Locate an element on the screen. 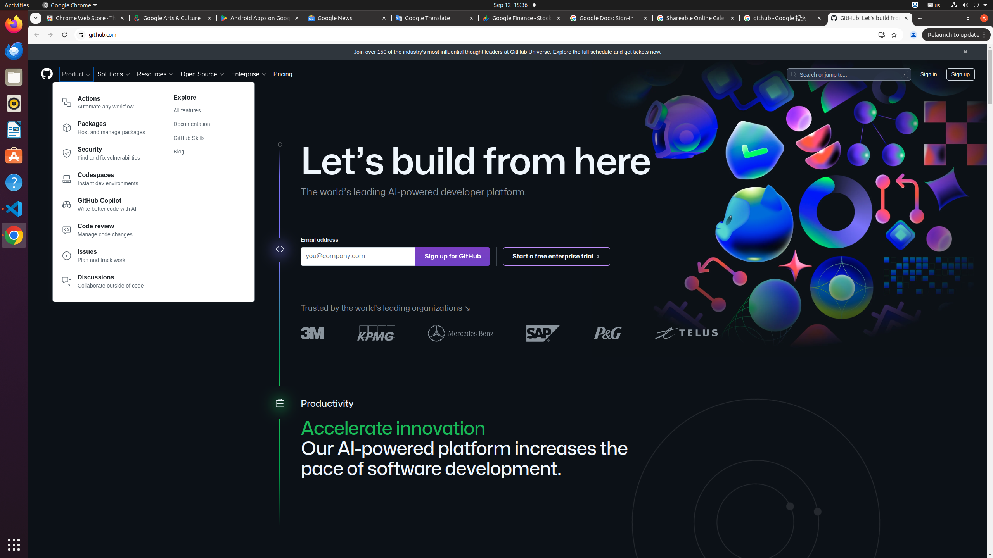 The image size is (993, 558). 'System' is located at coordinates (969, 5).